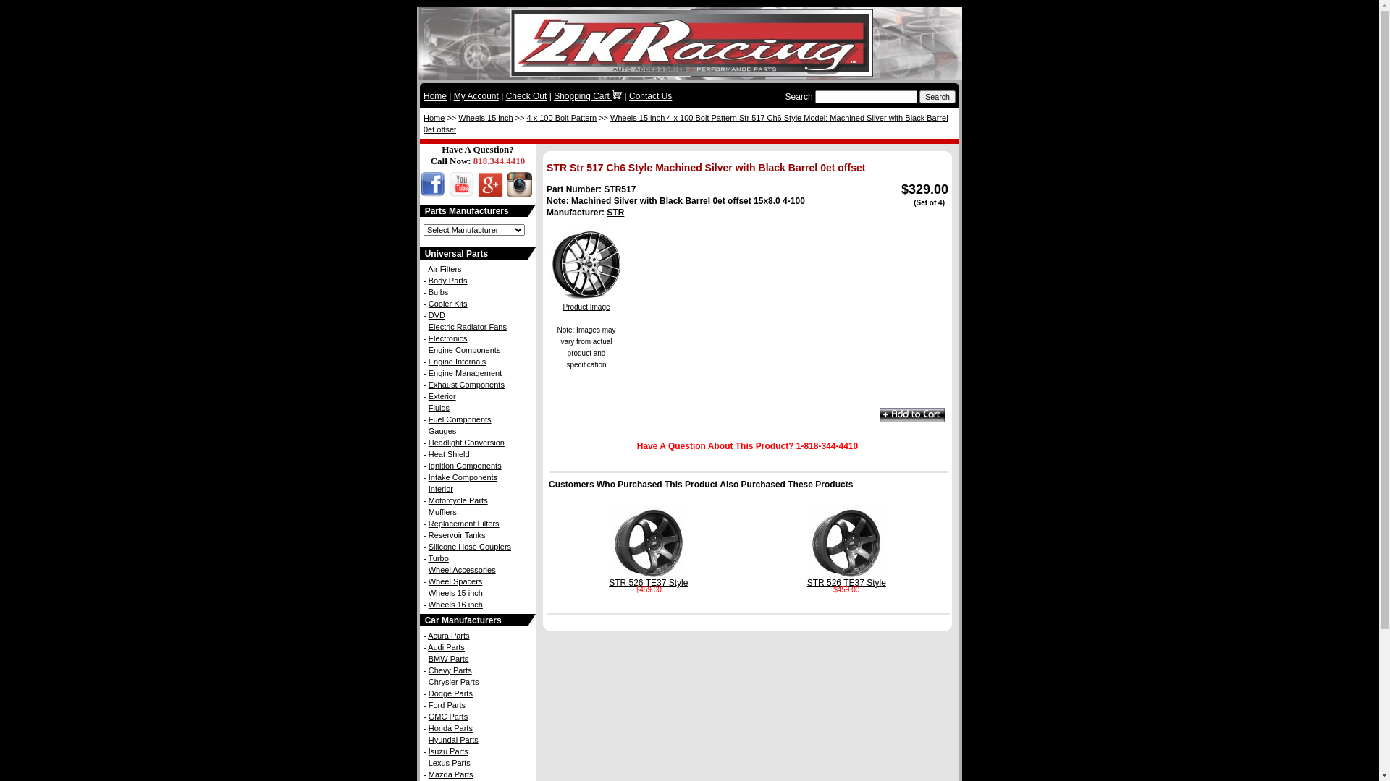  What do you see at coordinates (448, 762) in the screenshot?
I see `'Lexus Parts'` at bounding box center [448, 762].